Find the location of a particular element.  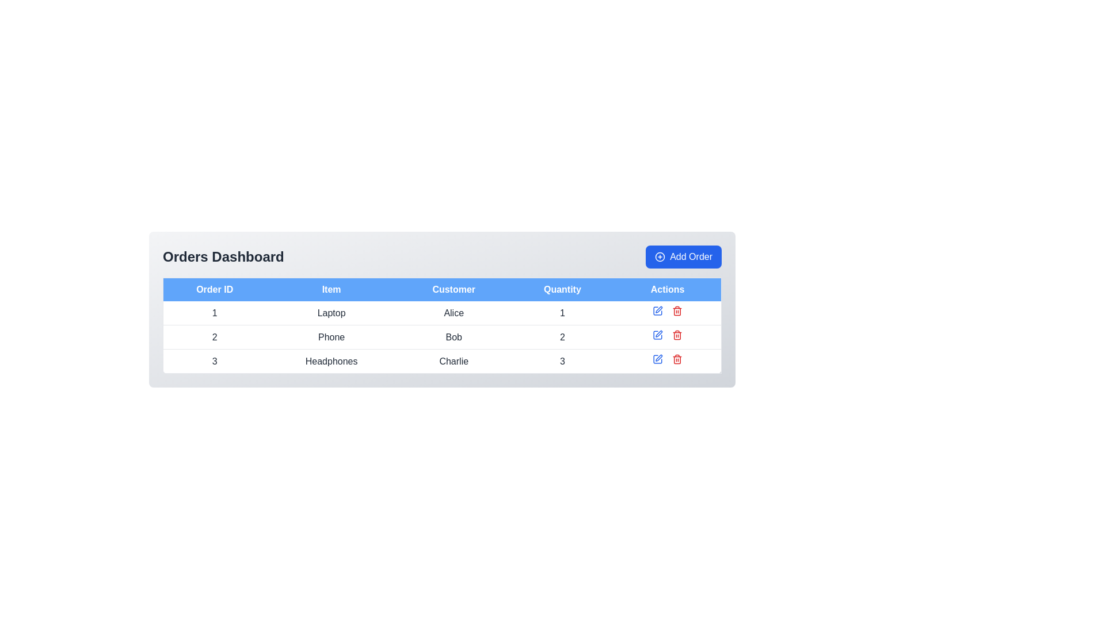

the edit icon in the 'Actions' column of the third row for the 'Headphones' entry belonging to customer 'Charlie' to modify the row is located at coordinates (668, 361).